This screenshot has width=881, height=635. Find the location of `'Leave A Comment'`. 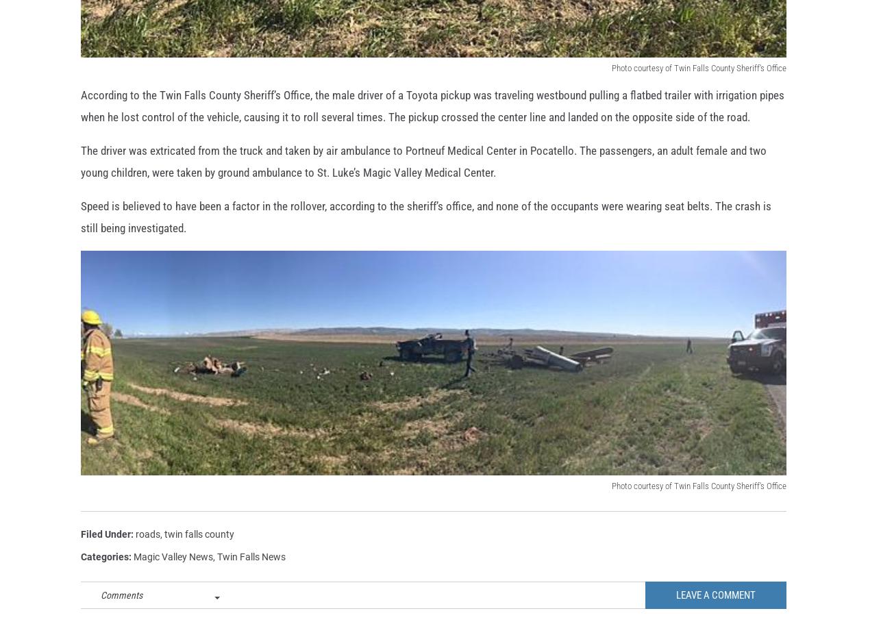

'Leave A Comment' is located at coordinates (715, 617).